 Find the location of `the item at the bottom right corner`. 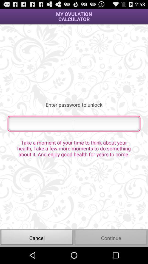

the item at the bottom right corner is located at coordinates (111, 238).